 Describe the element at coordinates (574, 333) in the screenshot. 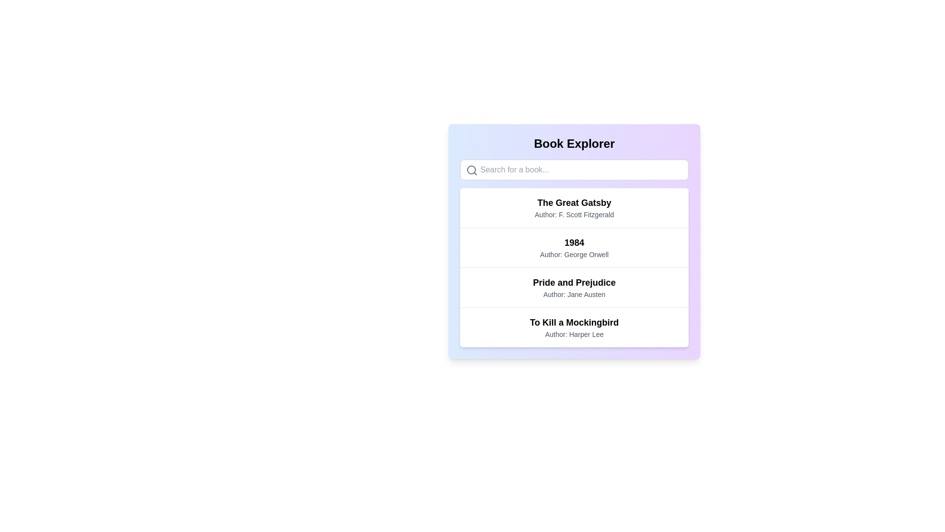

I see `the text label displaying 'Author: Harper Lee', which is styled in smaller gray font and positioned directly below 'To Kill a Mockingbird'` at that location.